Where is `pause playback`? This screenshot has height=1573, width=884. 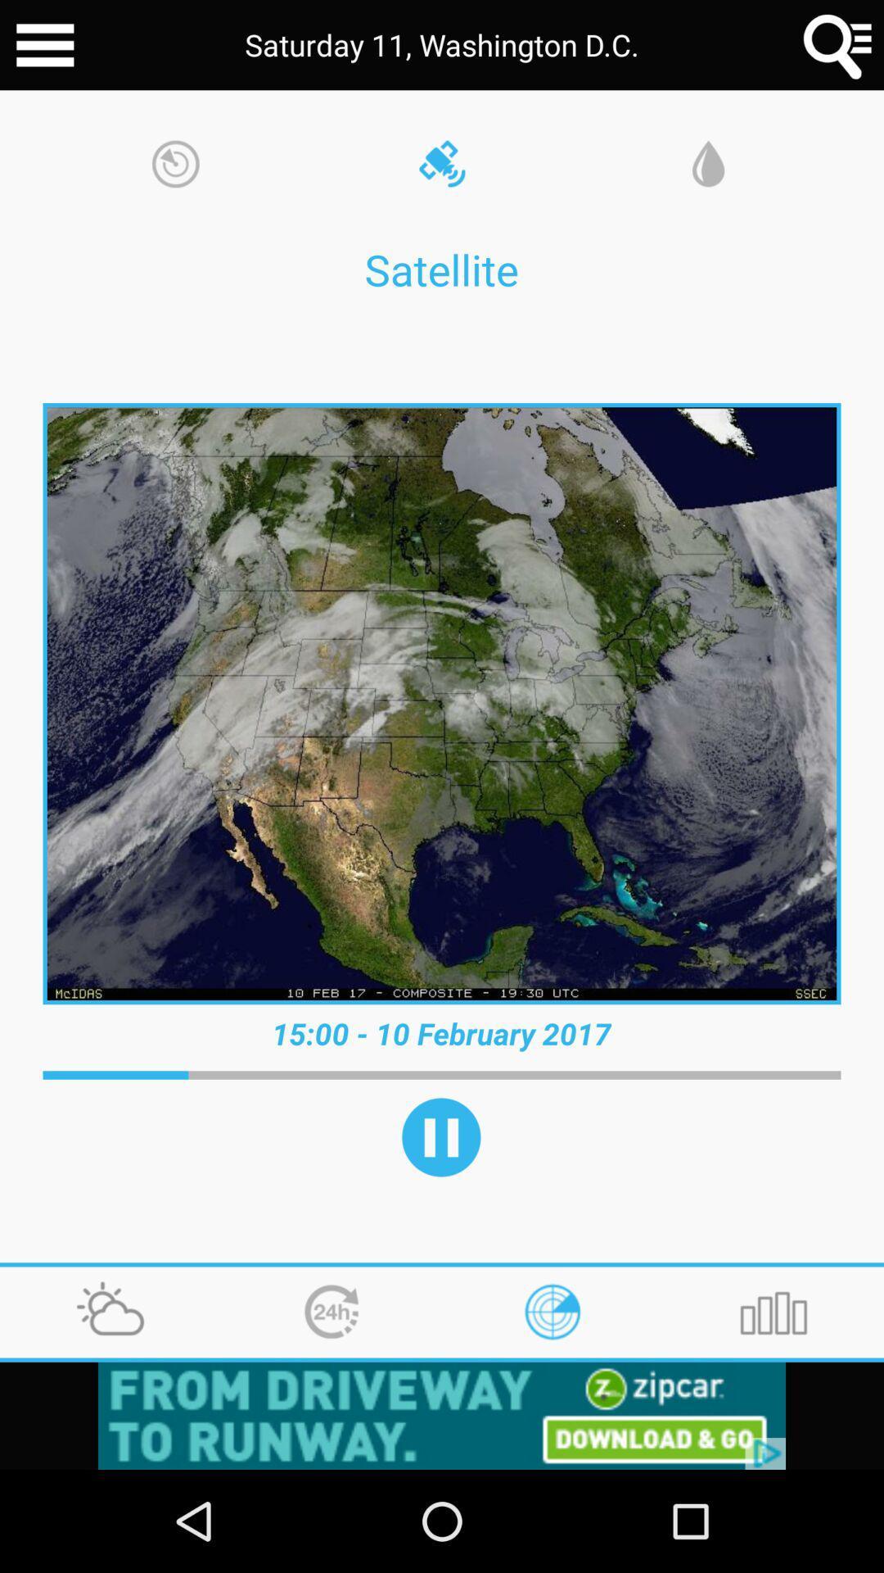 pause playback is located at coordinates (440, 1136).